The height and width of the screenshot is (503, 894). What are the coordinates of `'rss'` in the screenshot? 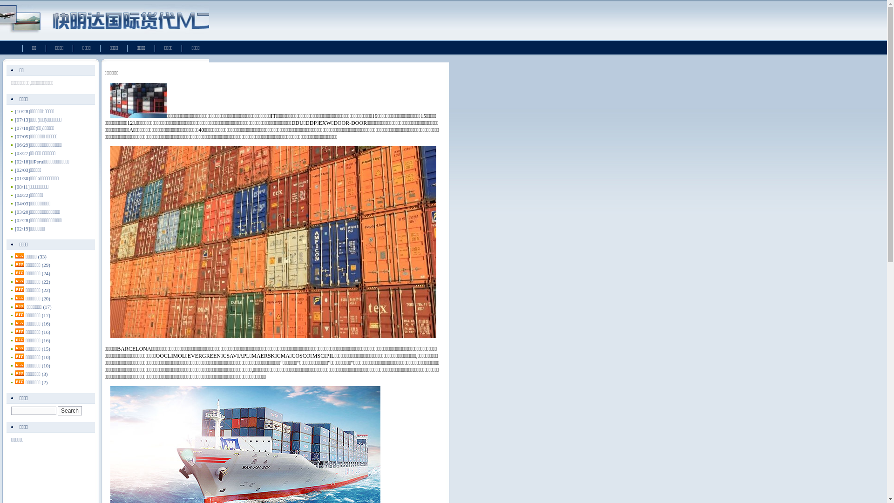 It's located at (20, 314).